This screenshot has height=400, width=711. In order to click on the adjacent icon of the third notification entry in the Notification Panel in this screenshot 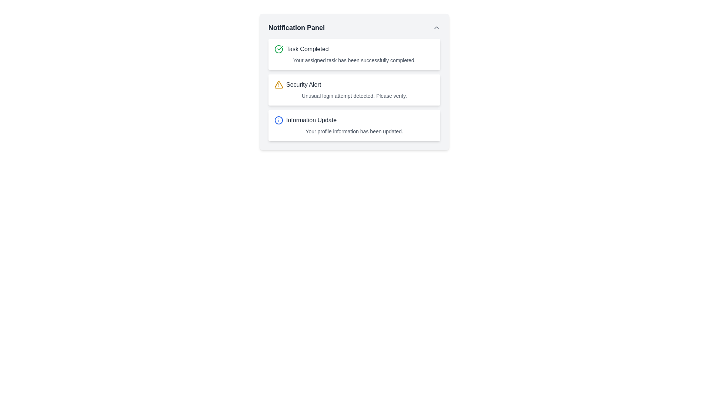, I will do `click(354, 120)`.